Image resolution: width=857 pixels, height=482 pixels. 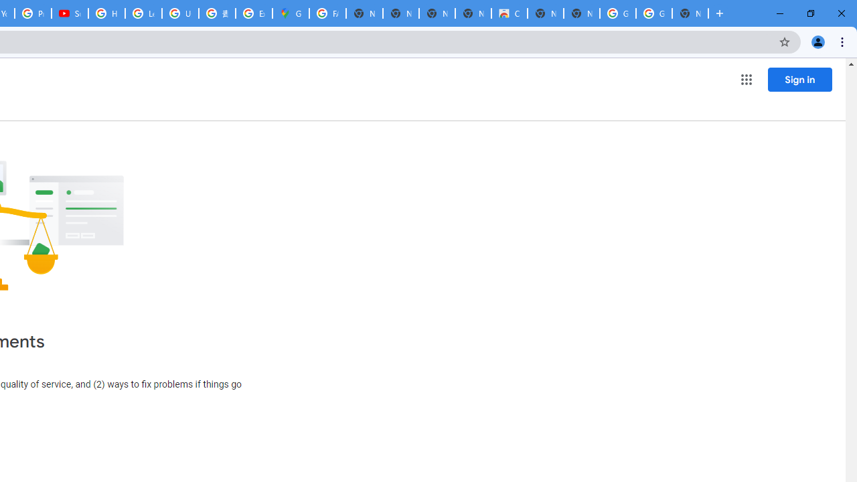 I want to click on 'New Tab', so click(x=690, y=13).